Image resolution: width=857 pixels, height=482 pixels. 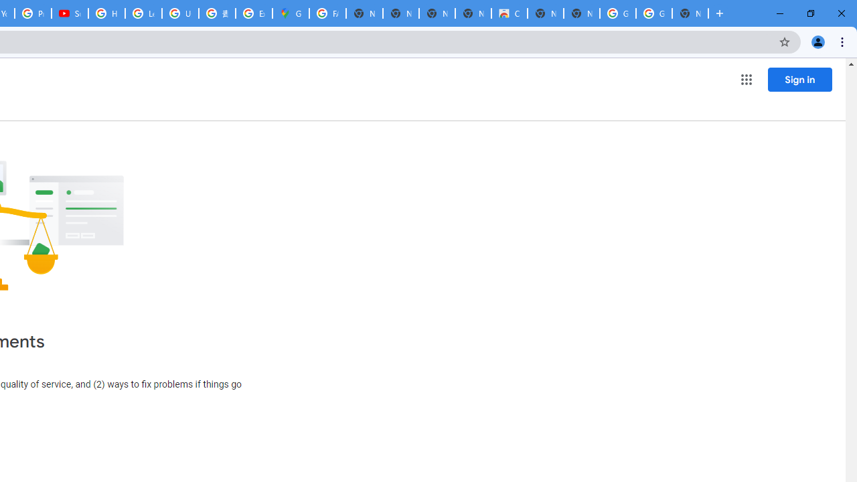 I want to click on 'New Tab', so click(x=690, y=13).